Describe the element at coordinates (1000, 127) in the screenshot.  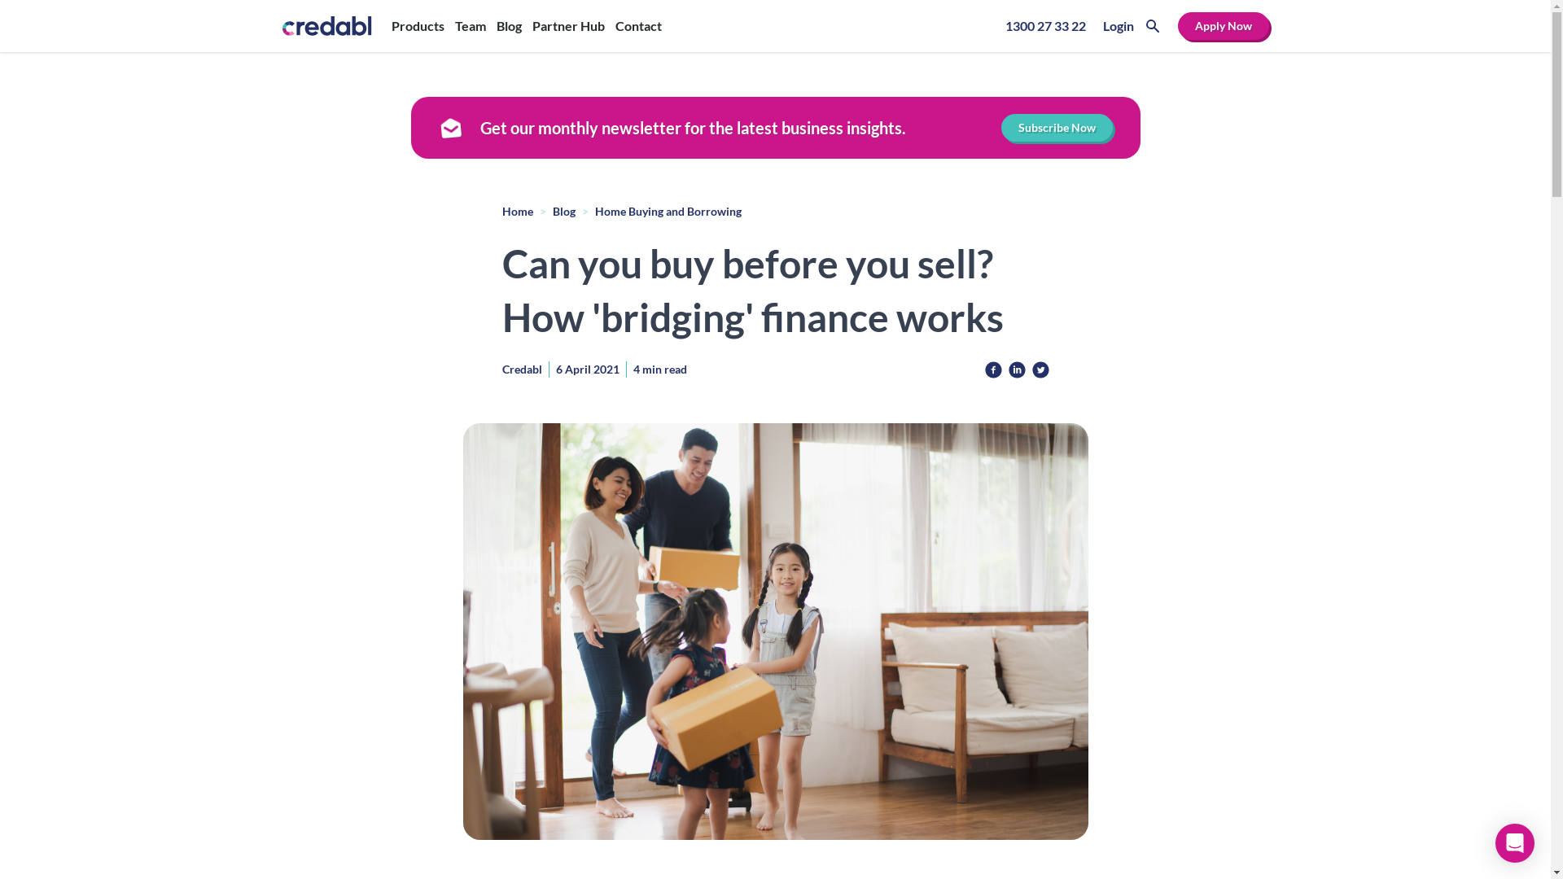
I see `'Subscribe Now'` at that location.